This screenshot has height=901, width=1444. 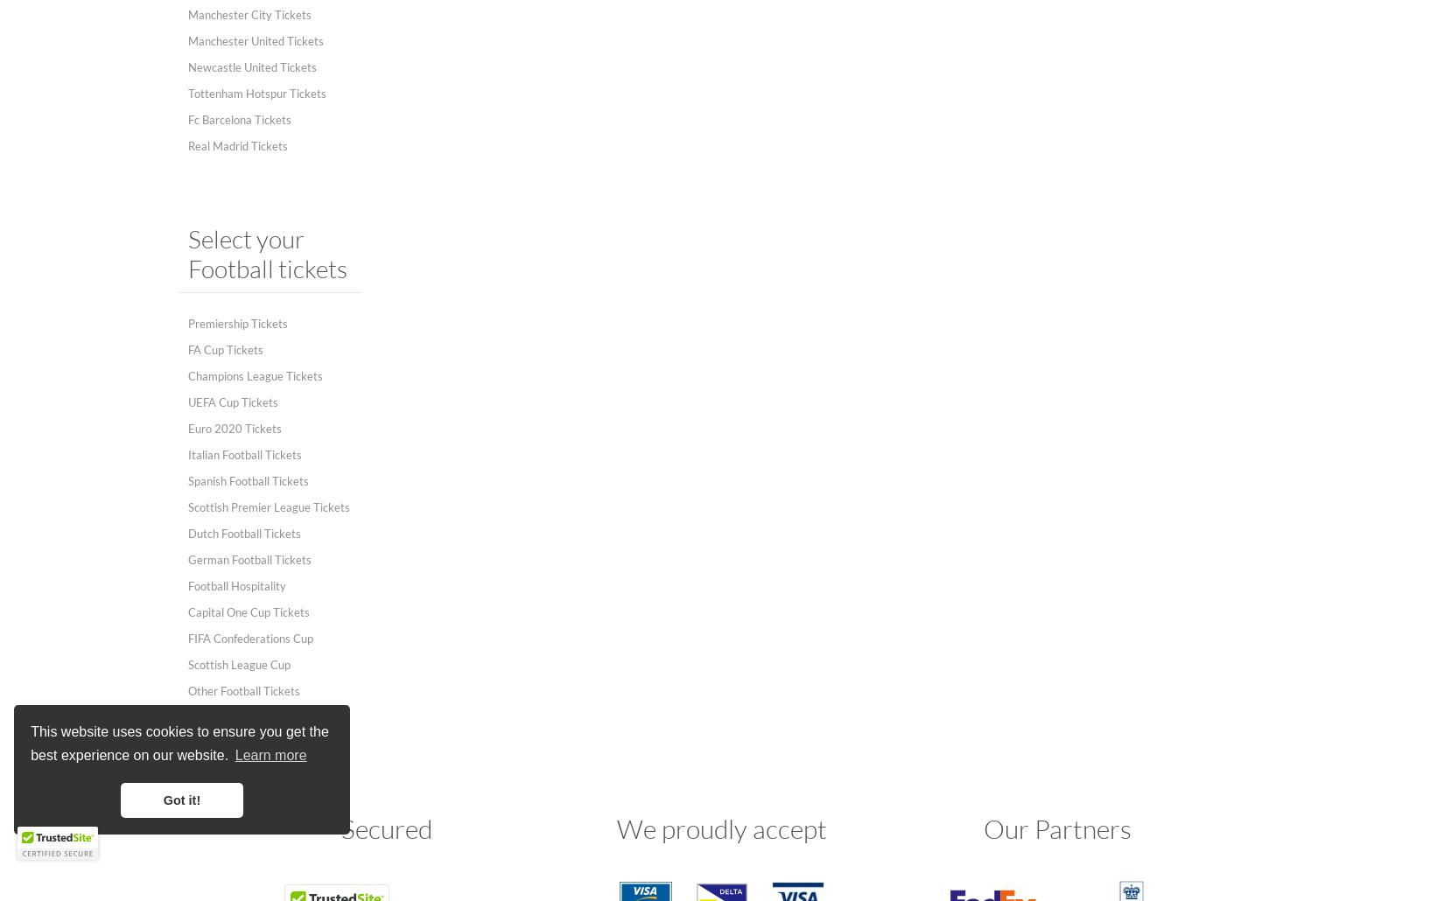 What do you see at coordinates (256, 40) in the screenshot?
I see `'Manchester United Tickets'` at bounding box center [256, 40].